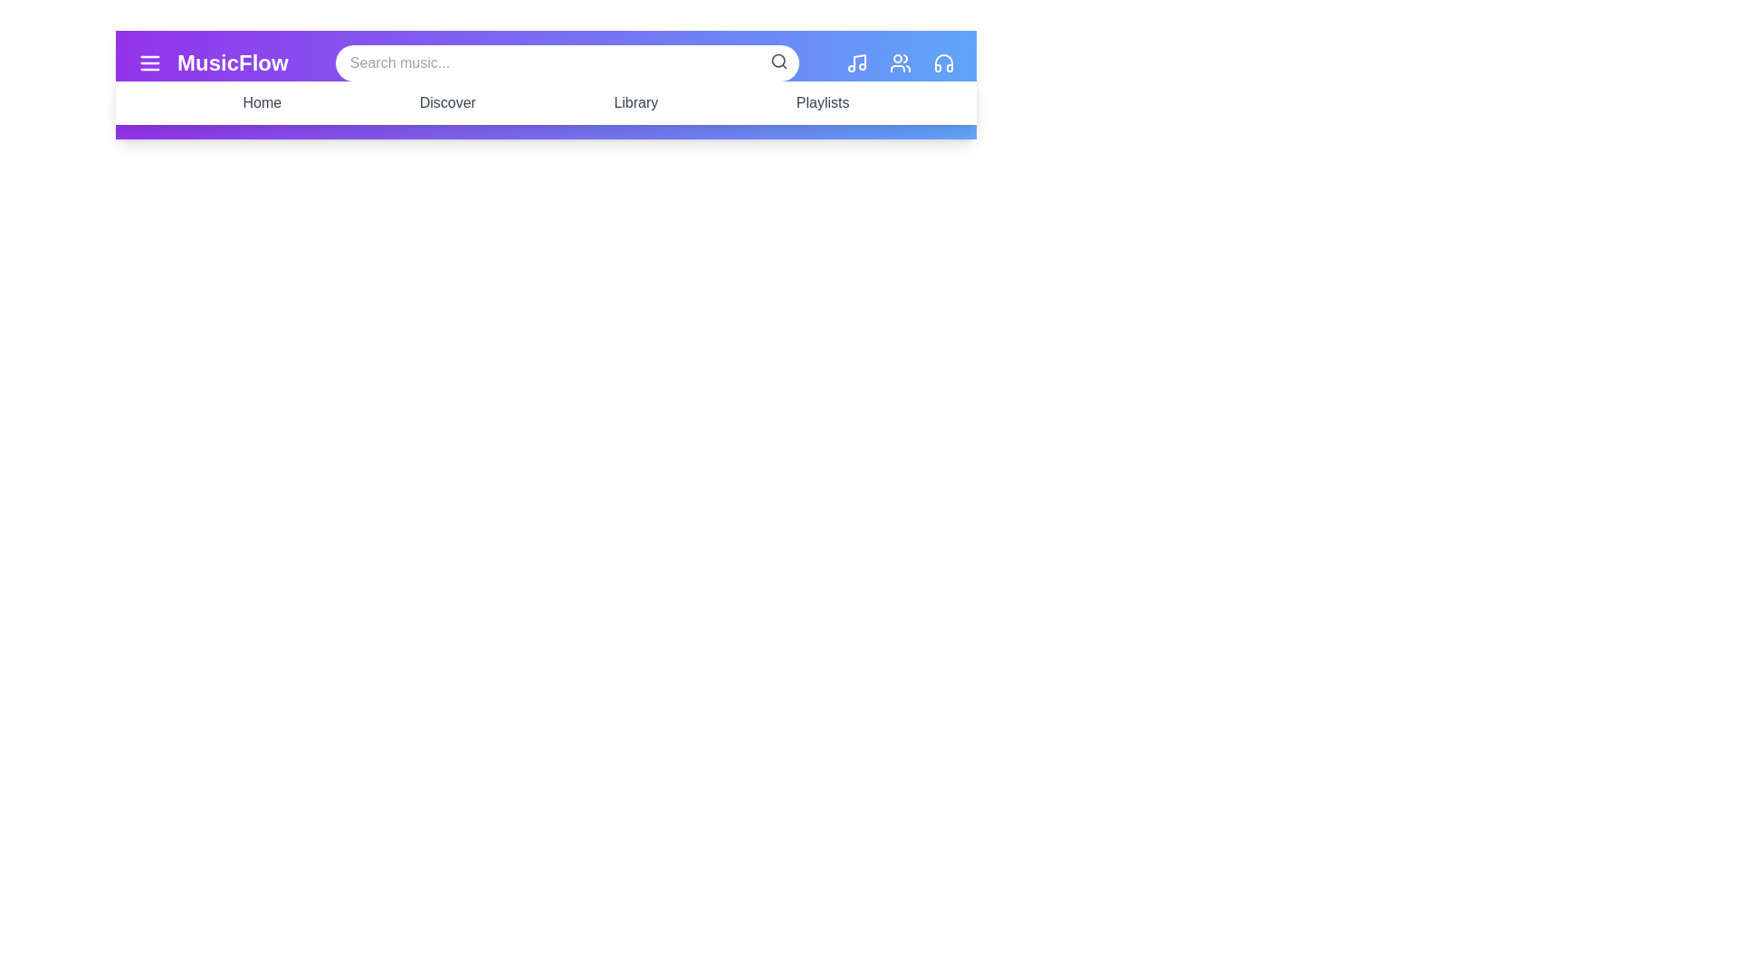 The image size is (1738, 978). Describe the element at coordinates (232, 62) in the screenshot. I see `the title text 'MusicFlow'` at that location.